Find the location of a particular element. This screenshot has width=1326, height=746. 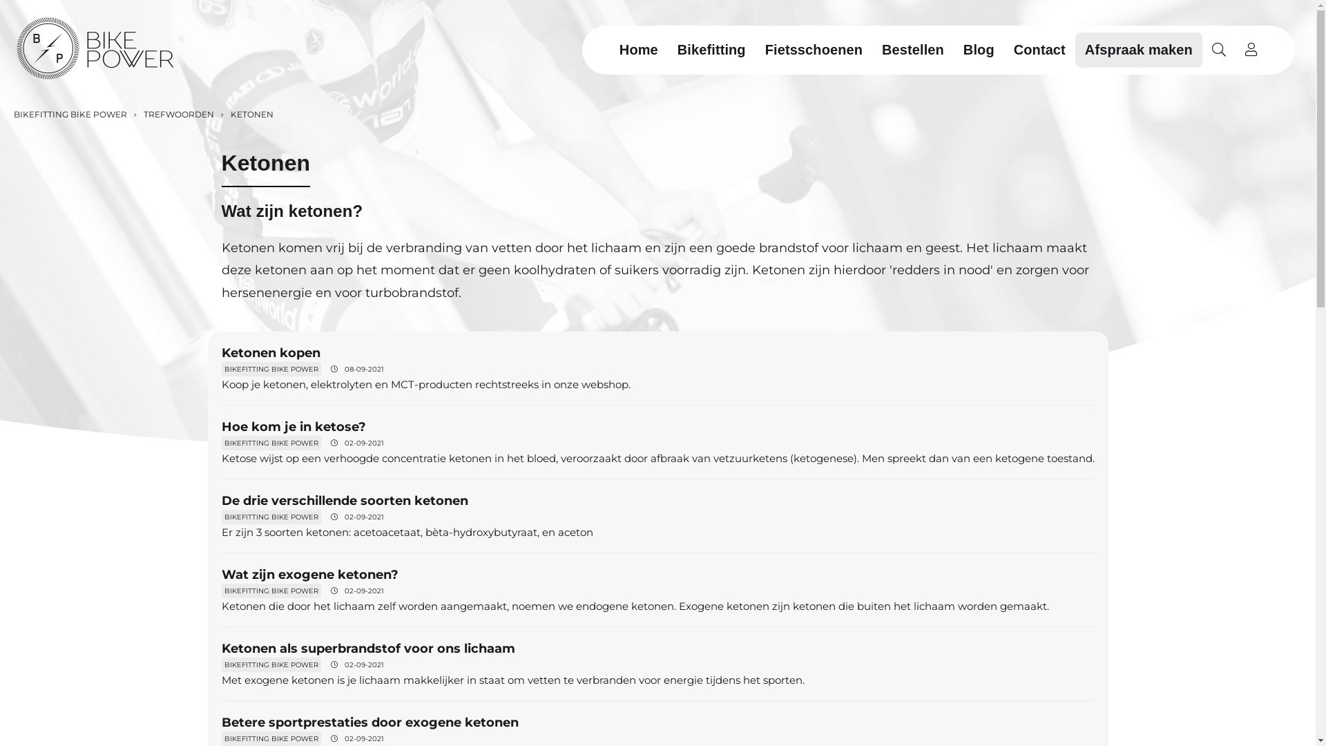

'Afspraak maken' is located at coordinates (1139, 48).